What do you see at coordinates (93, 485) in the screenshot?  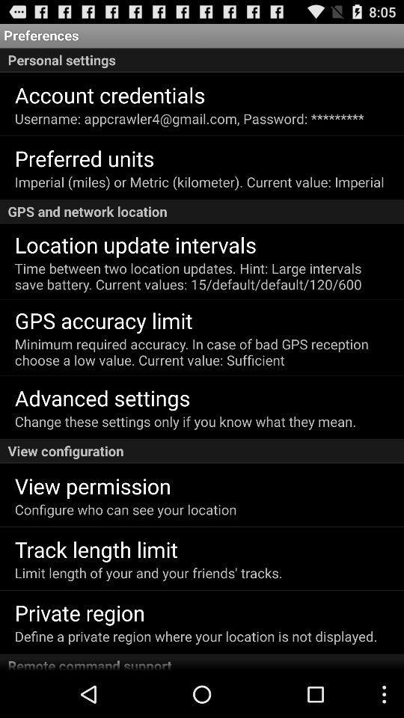 I see `view permission` at bounding box center [93, 485].